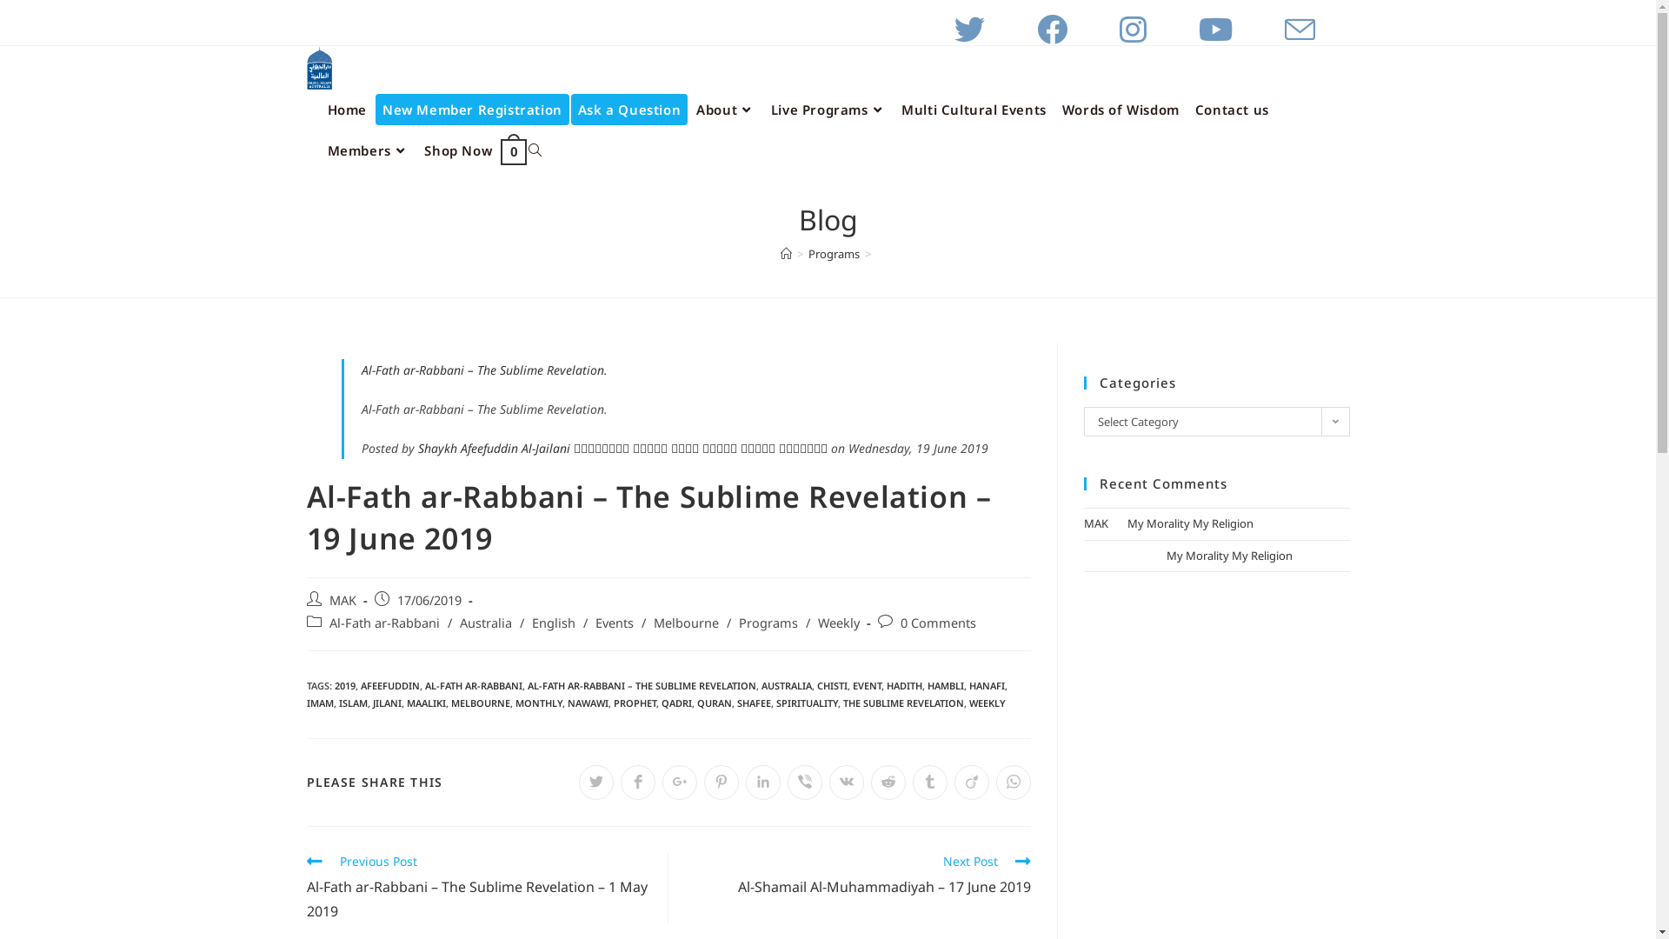 The height and width of the screenshot is (939, 1669). Describe the element at coordinates (587, 702) in the screenshot. I see `'NAWAWI'` at that location.